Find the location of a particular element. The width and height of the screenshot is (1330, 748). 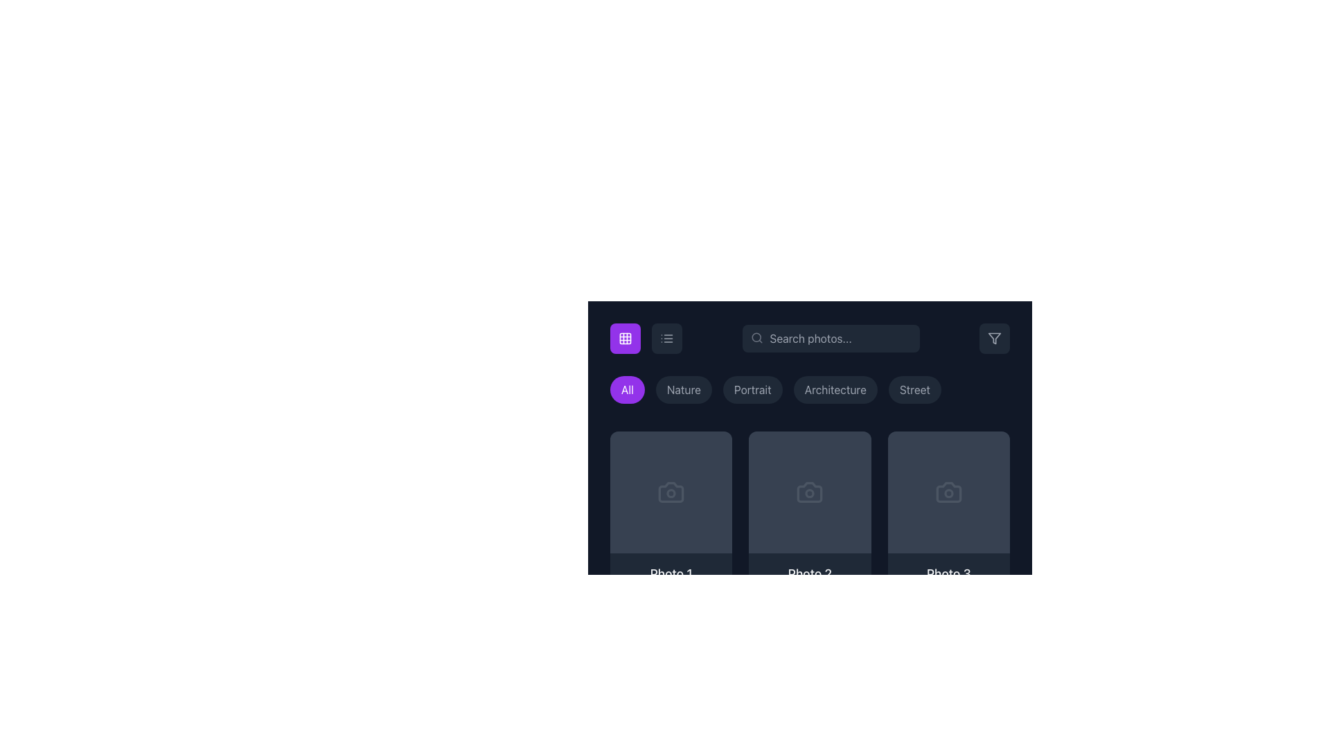

the 'All' button, which has a rounded shape and a vibrant purple background with white text, to filter all categories is located at coordinates (627, 390).